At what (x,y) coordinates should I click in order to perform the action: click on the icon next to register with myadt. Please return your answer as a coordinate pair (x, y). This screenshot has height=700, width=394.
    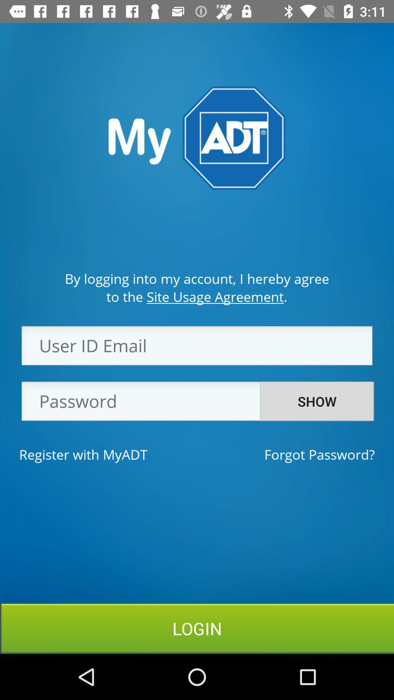
    Looking at the image, I should click on (319, 454).